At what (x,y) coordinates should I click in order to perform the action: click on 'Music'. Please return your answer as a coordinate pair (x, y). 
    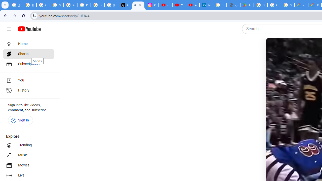
    Looking at the image, I should click on (28, 155).